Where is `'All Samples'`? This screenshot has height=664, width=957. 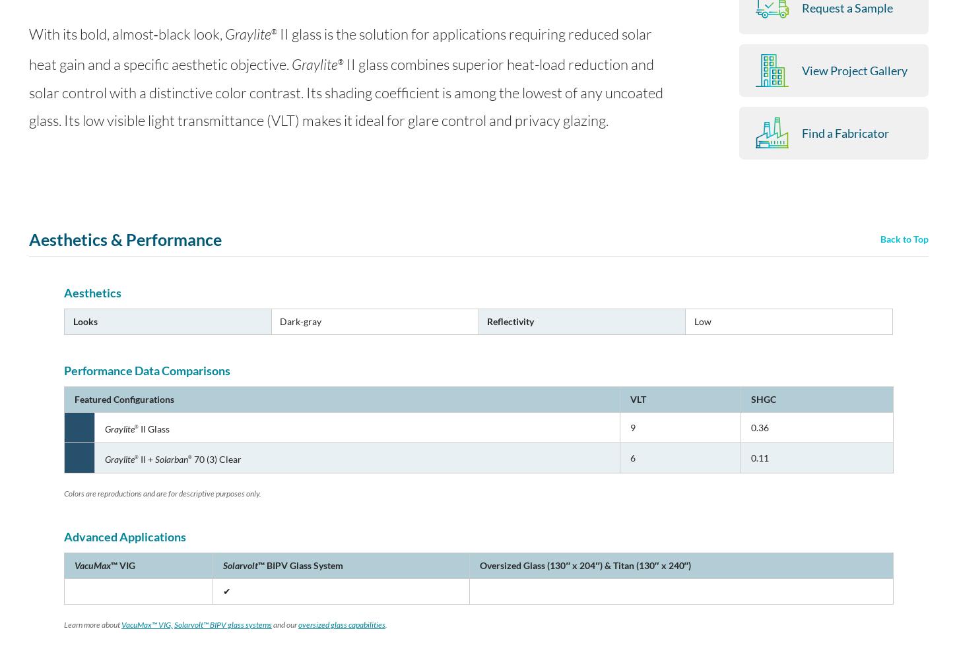
'All Samples' is located at coordinates (735, 190).